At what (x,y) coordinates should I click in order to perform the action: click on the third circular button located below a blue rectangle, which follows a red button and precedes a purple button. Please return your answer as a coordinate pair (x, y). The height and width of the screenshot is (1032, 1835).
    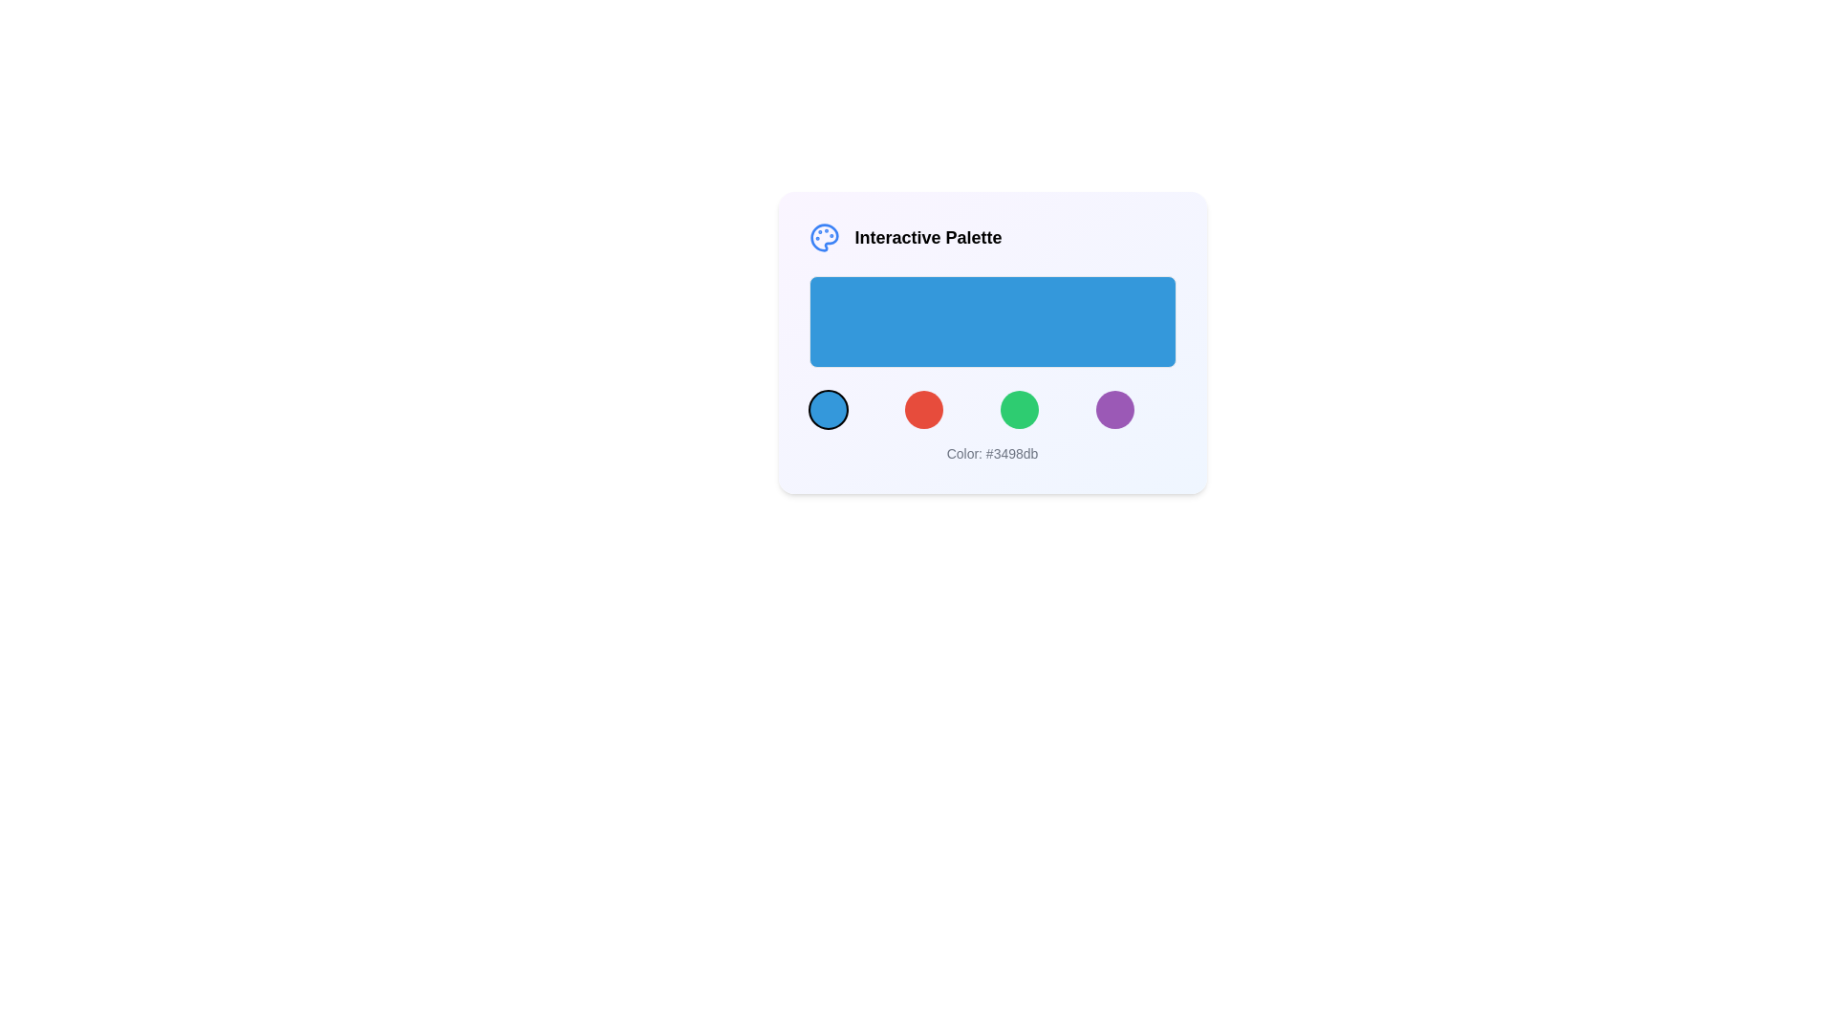
    Looking at the image, I should click on (1018, 408).